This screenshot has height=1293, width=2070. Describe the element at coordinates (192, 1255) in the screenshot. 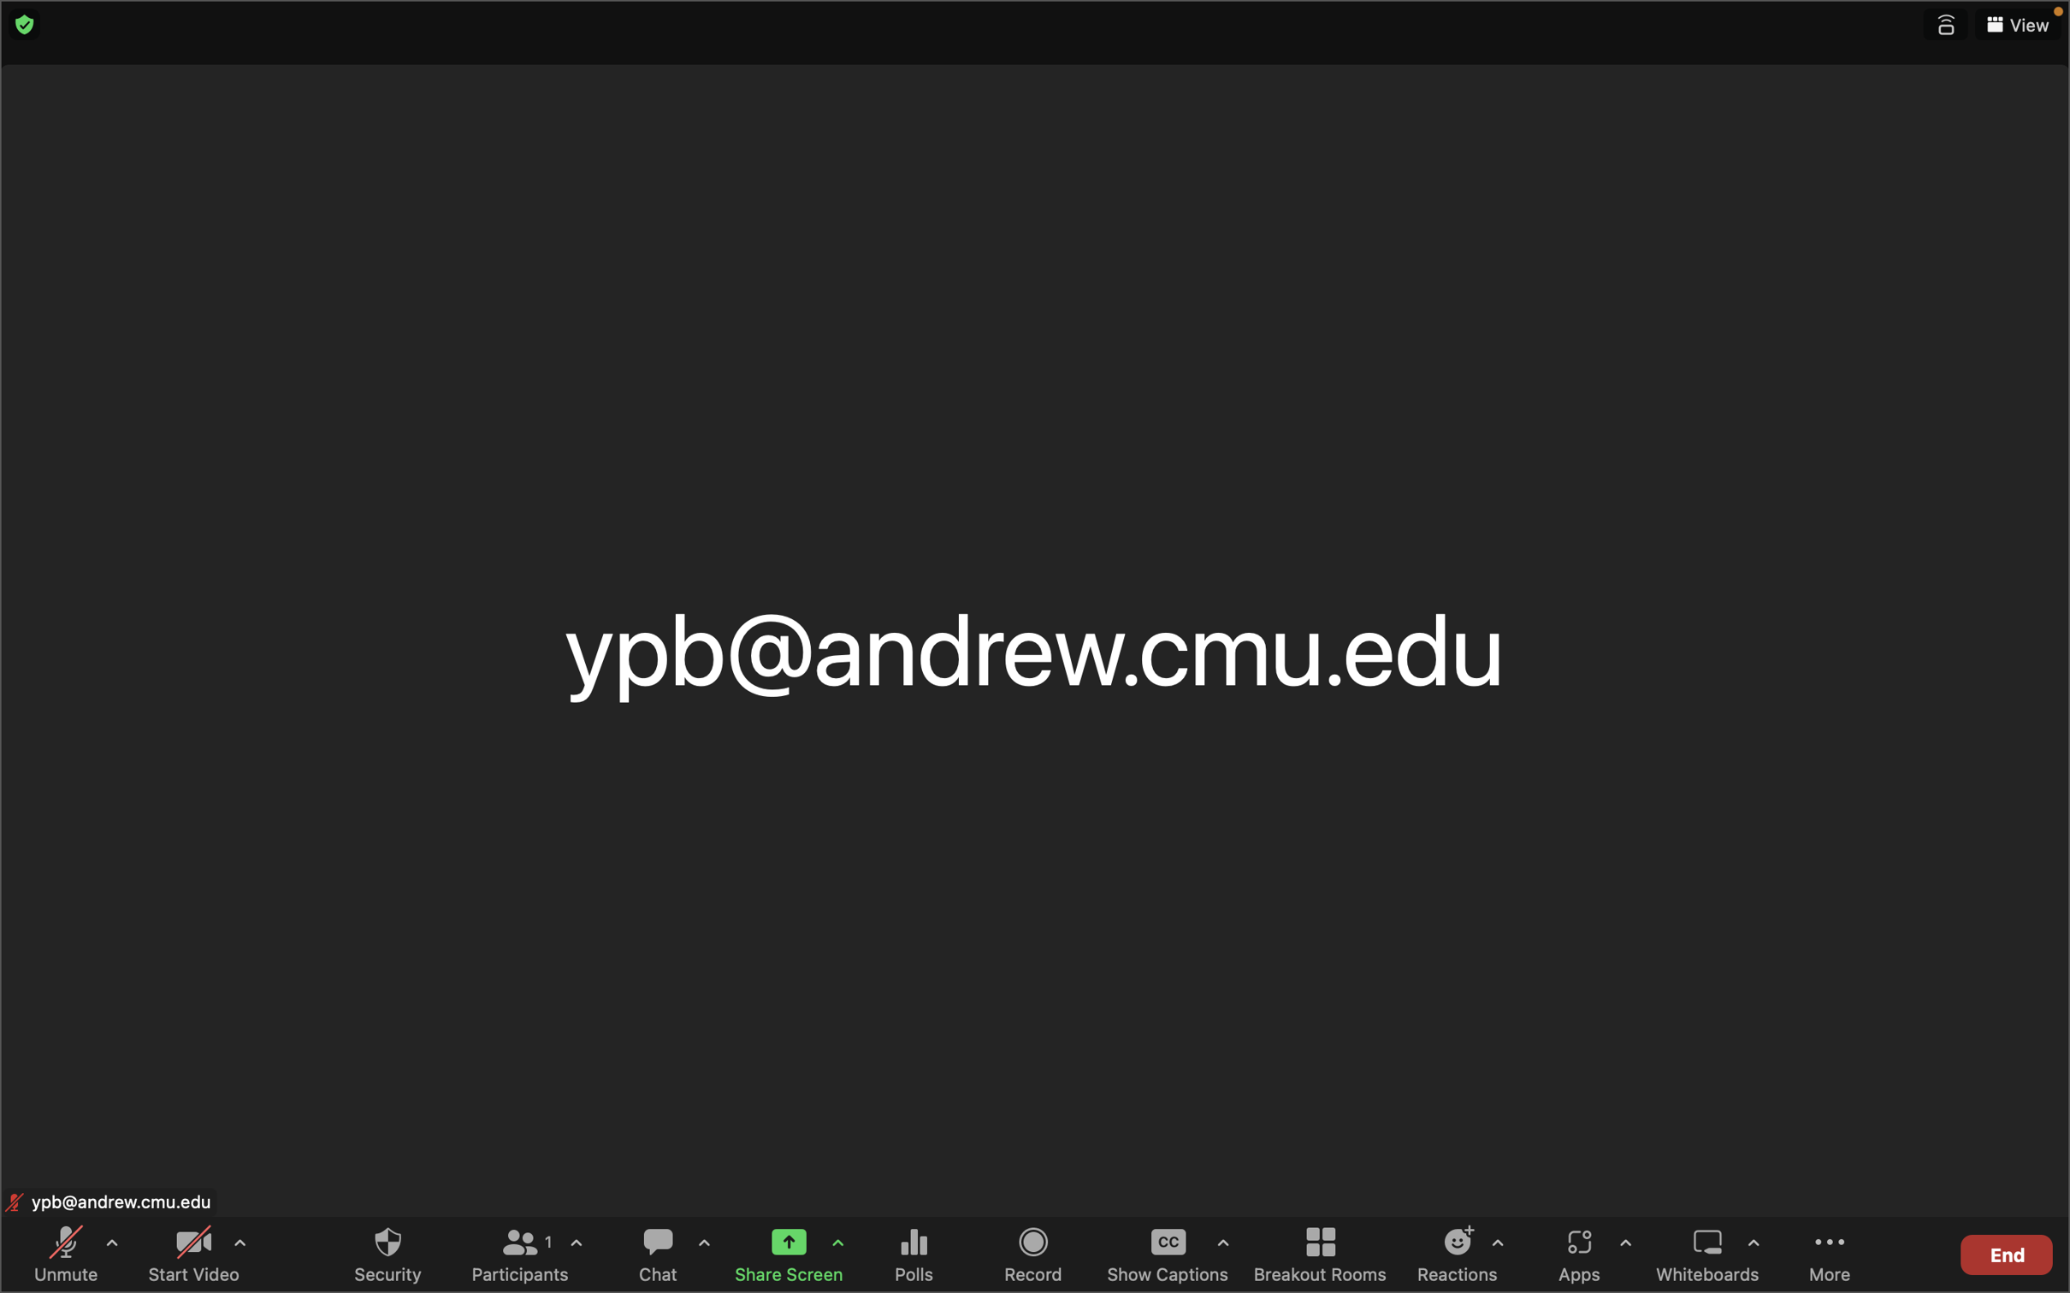

I see `the video by selecting the icon located at the lower left` at that location.